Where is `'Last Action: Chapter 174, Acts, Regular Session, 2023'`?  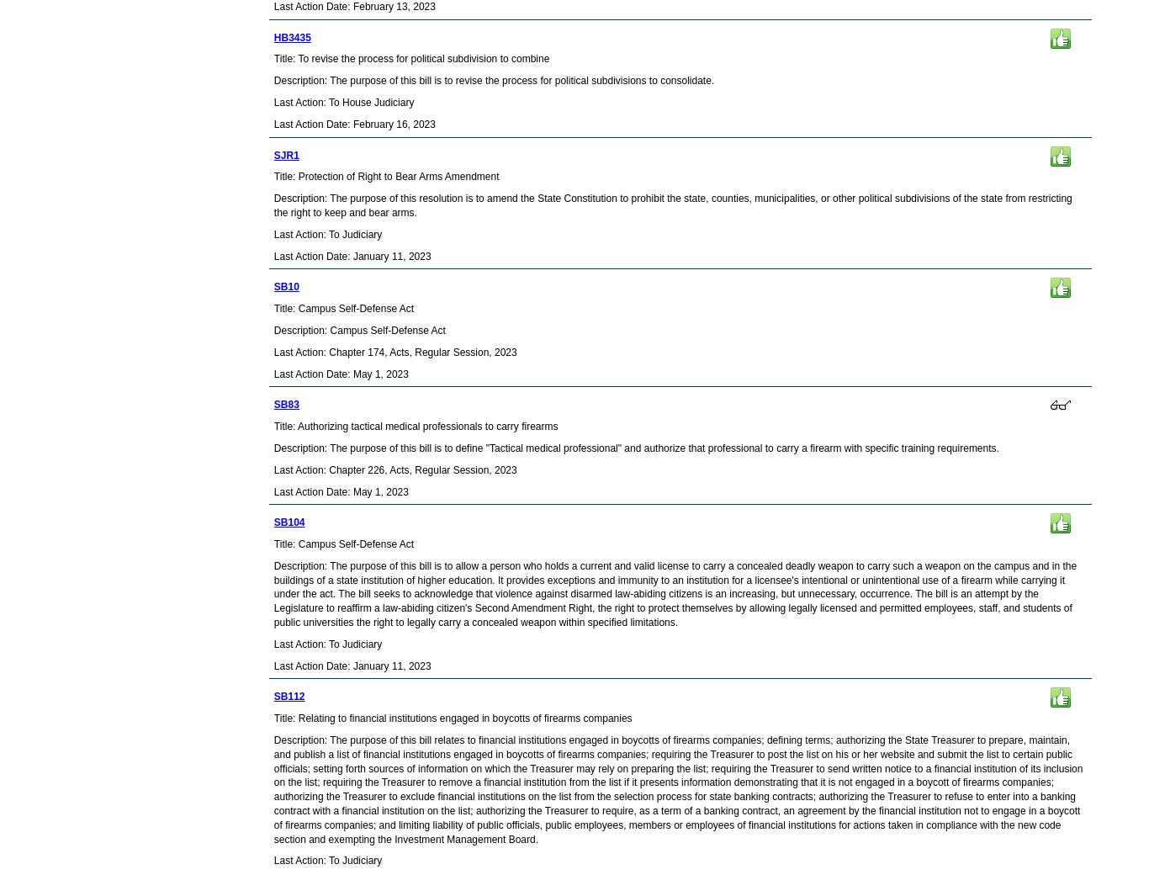
'Last Action: Chapter 174, Acts, Regular Session, 2023' is located at coordinates (394, 351).